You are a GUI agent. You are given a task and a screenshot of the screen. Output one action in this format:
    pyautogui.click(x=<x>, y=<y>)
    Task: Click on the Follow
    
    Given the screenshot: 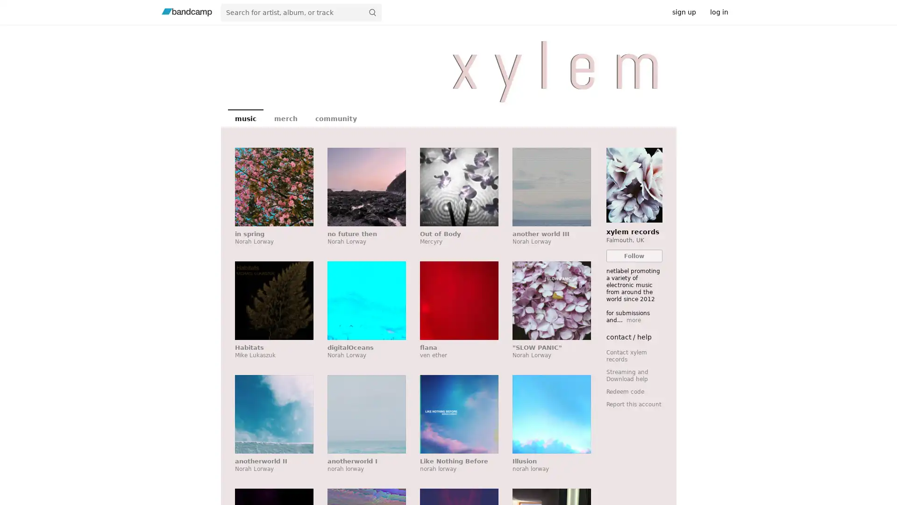 What is the action you would take?
    pyautogui.click(x=634, y=256)
    